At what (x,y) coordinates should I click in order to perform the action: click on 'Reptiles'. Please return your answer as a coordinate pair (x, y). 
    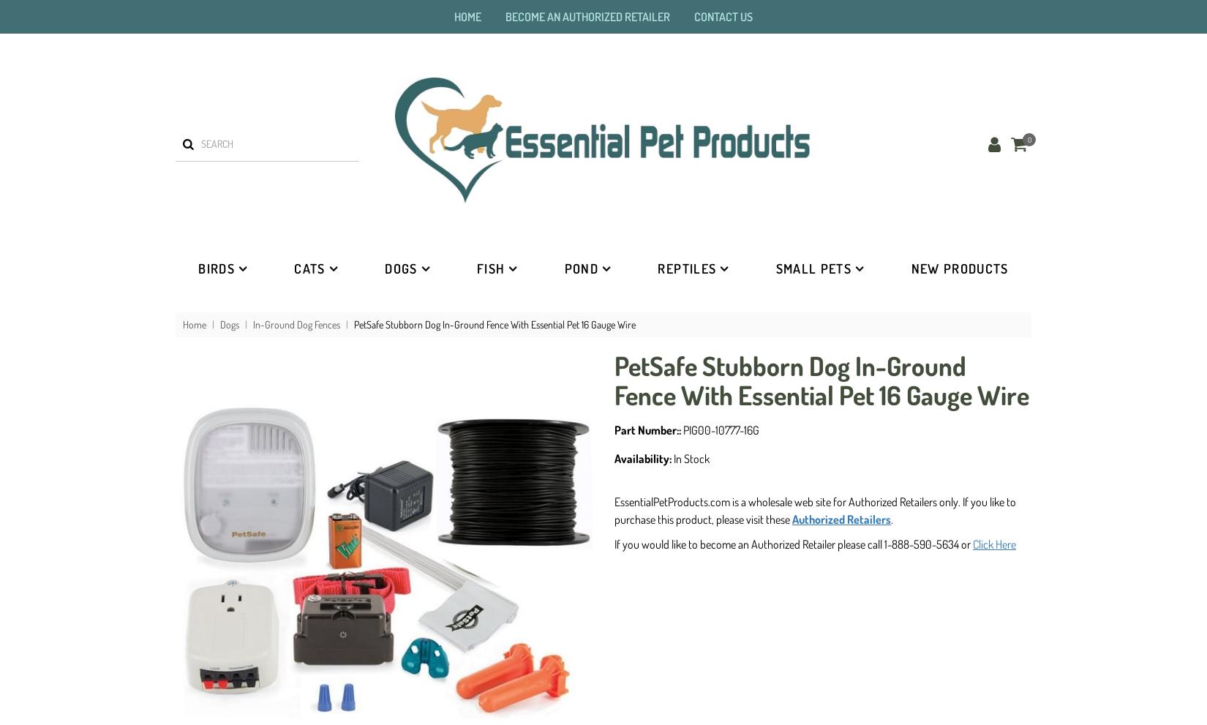
    Looking at the image, I should click on (687, 267).